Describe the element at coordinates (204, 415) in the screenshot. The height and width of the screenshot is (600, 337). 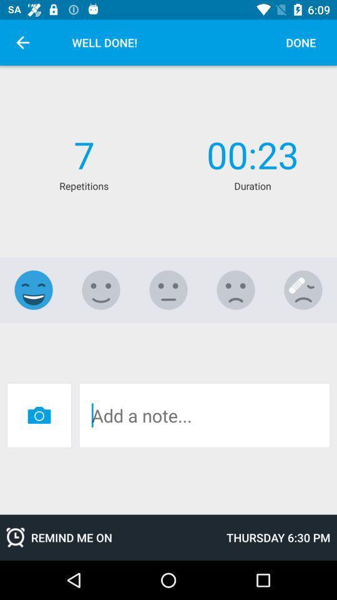
I see `a note` at that location.